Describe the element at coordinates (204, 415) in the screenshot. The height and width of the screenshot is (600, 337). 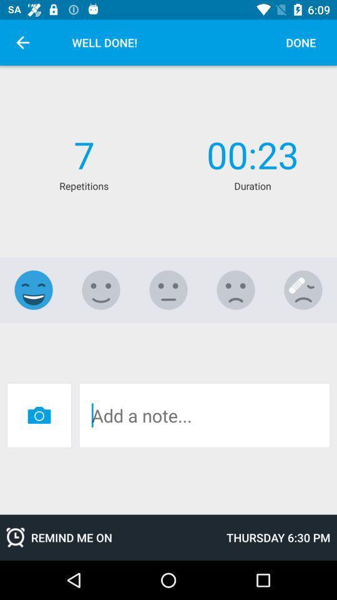
I see `a note` at that location.